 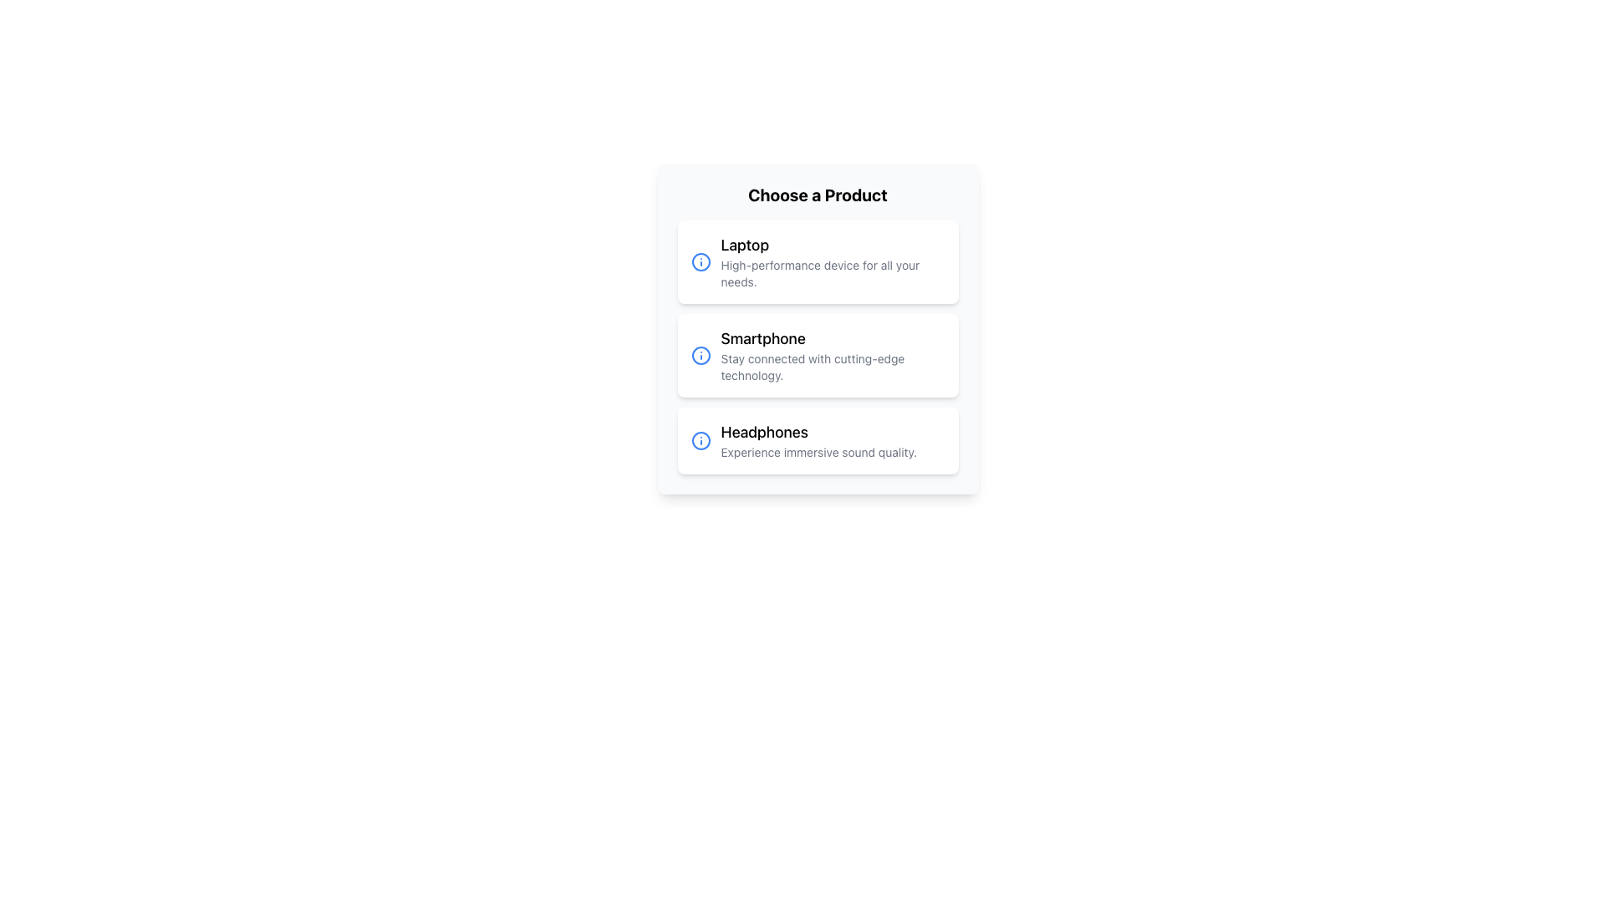 What do you see at coordinates (833, 272) in the screenshot?
I see `the detailed description text element located below the 'Laptop' title within the first card of the 'Choose a Product' section` at bounding box center [833, 272].